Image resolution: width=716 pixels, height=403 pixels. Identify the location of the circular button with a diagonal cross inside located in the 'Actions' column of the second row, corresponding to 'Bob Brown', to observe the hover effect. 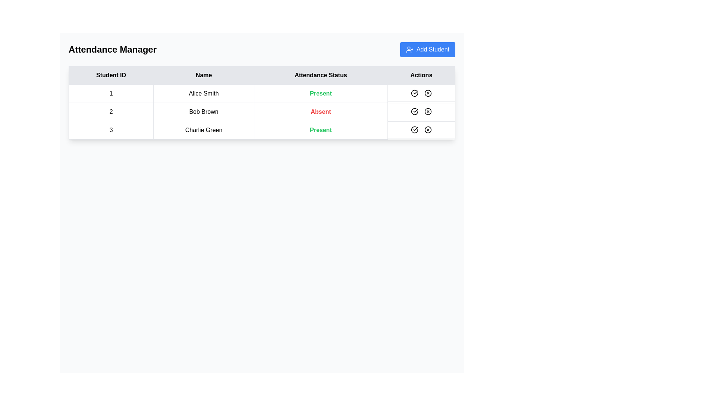
(428, 111).